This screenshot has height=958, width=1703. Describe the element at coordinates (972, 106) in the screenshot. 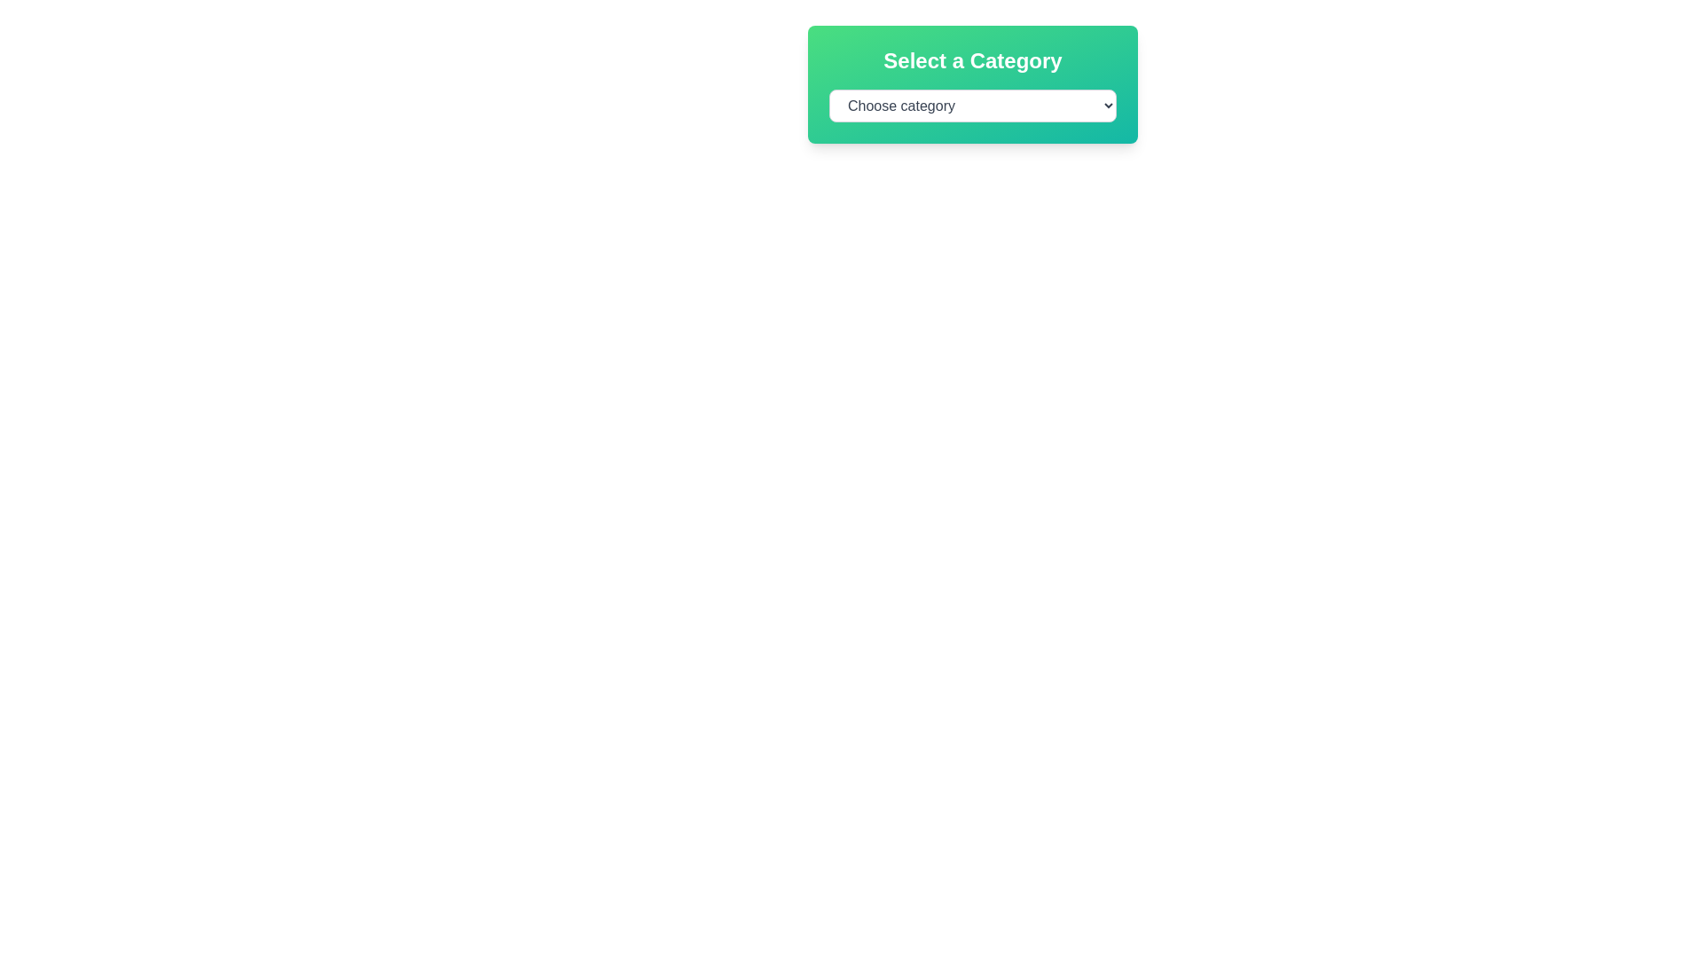

I see `the dropdown menu labeled 'Choose category'` at that location.